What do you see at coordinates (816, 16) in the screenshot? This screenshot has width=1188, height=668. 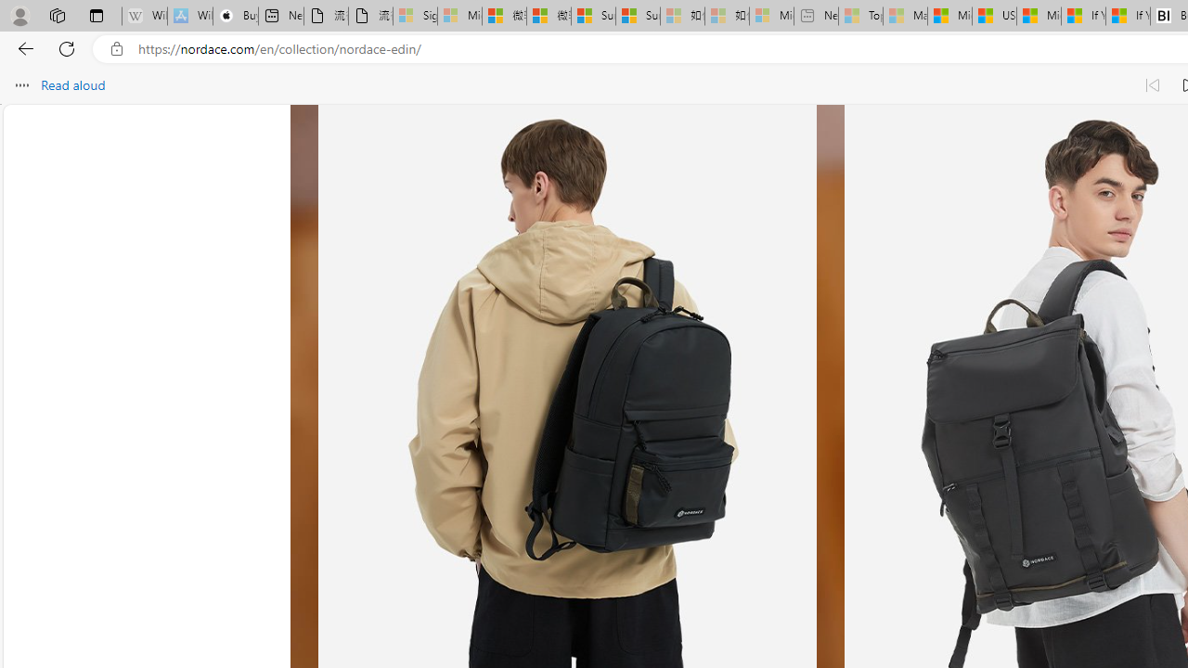 I see `'New tab - Sleeping'` at bounding box center [816, 16].